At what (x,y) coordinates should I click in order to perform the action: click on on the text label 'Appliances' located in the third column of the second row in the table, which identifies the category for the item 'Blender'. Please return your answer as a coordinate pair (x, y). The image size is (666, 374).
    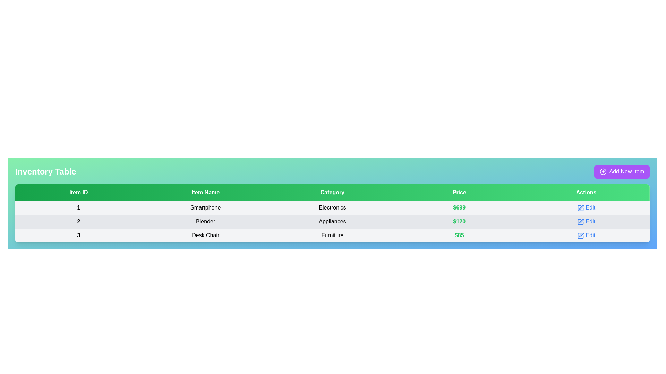
    Looking at the image, I should click on (332, 222).